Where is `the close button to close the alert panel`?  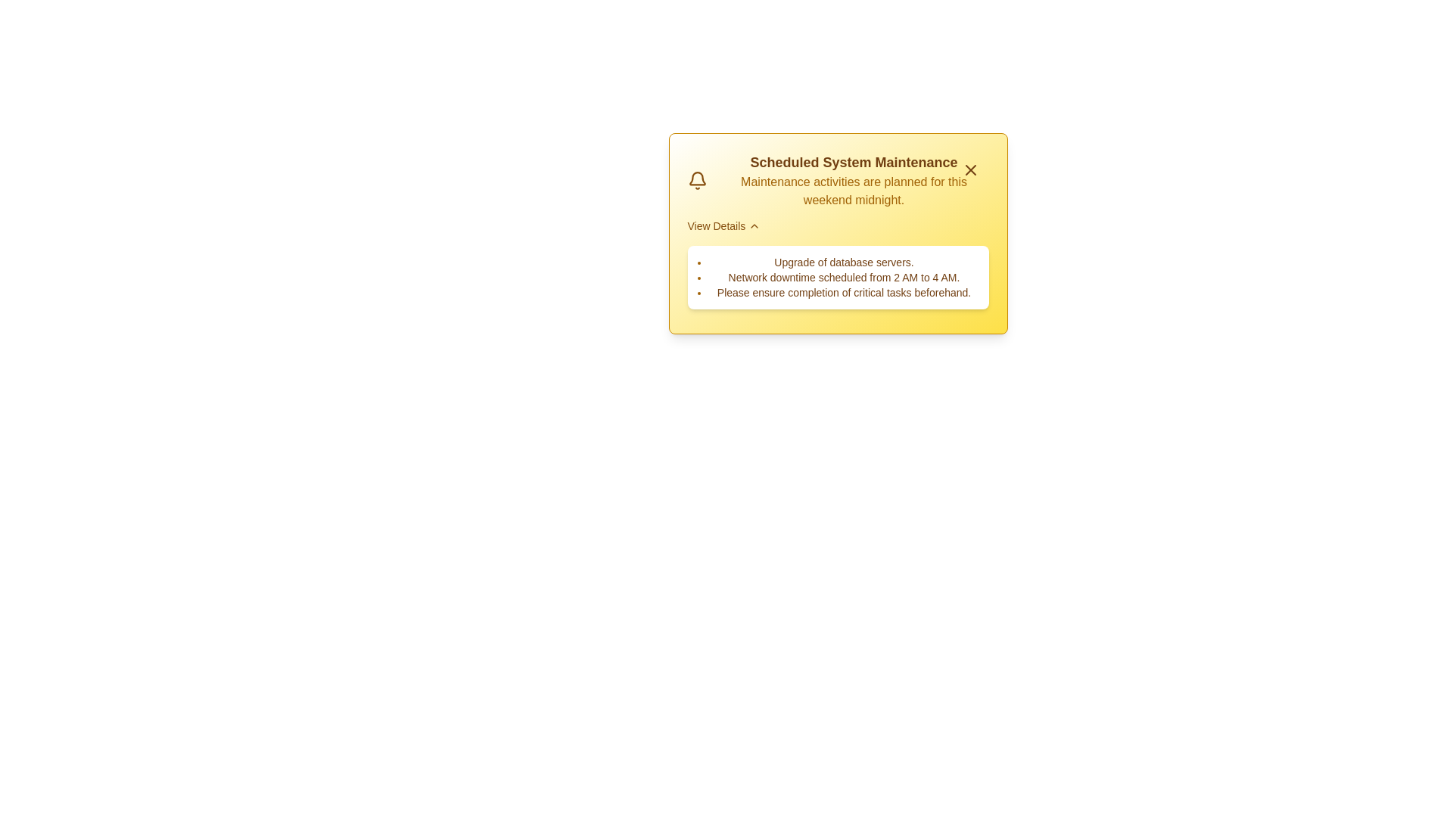 the close button to close the alert panel is located at coordinates (970, 169).